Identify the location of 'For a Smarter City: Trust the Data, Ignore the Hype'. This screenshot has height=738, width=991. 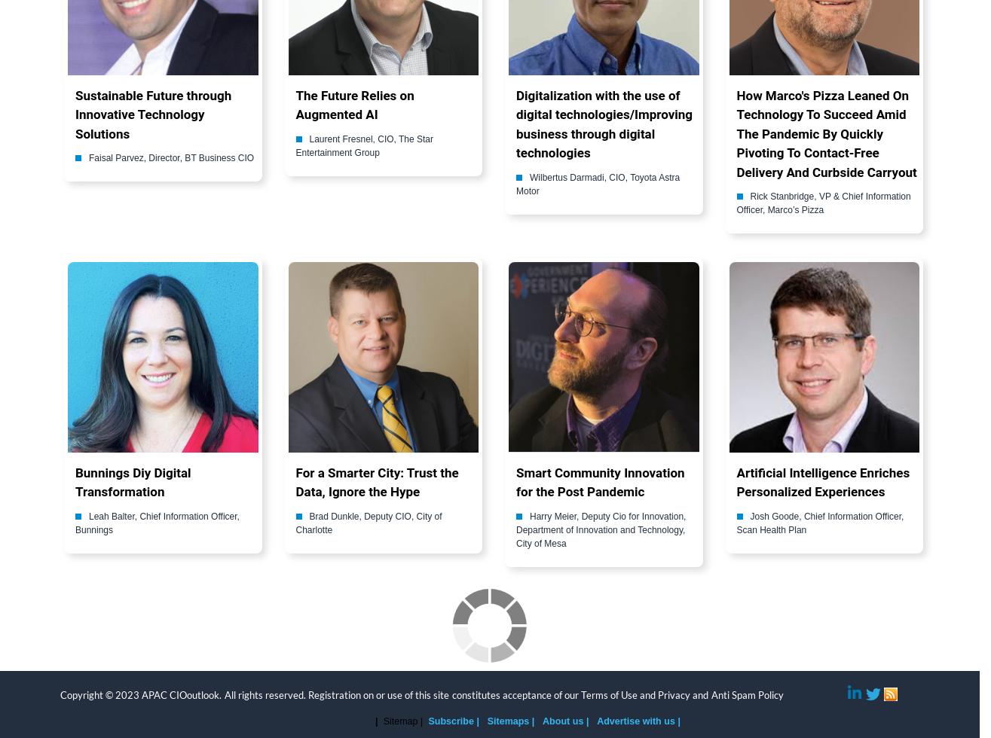
(376, 482).